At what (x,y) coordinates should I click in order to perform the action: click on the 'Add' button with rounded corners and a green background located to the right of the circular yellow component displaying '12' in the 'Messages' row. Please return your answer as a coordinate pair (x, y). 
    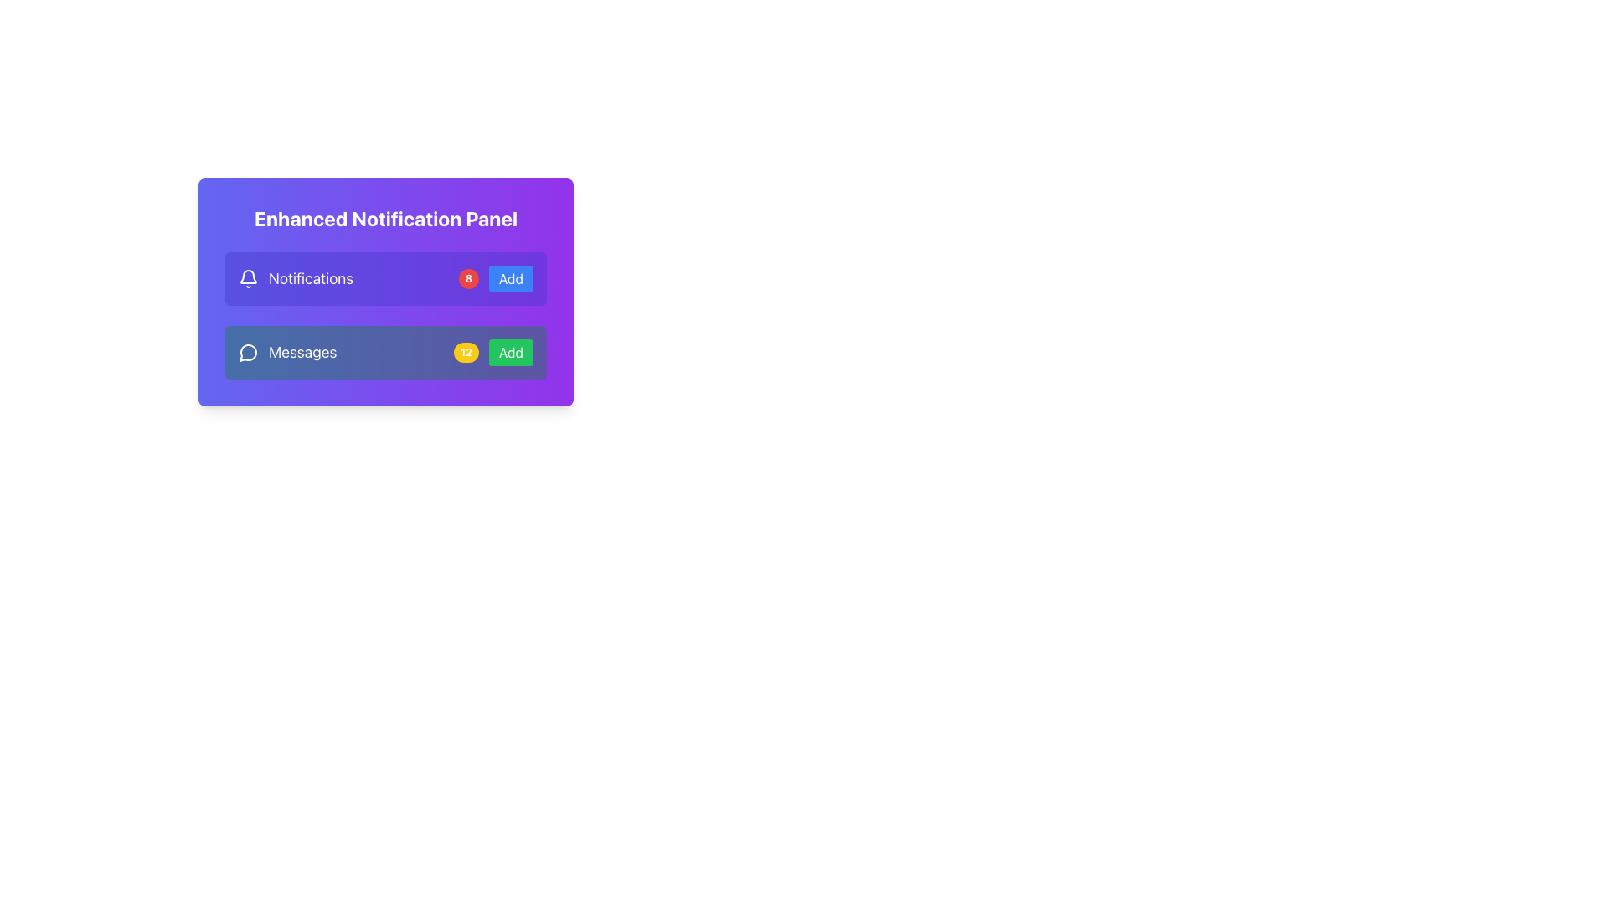
    Looking at the image, I should click on (510, 351).